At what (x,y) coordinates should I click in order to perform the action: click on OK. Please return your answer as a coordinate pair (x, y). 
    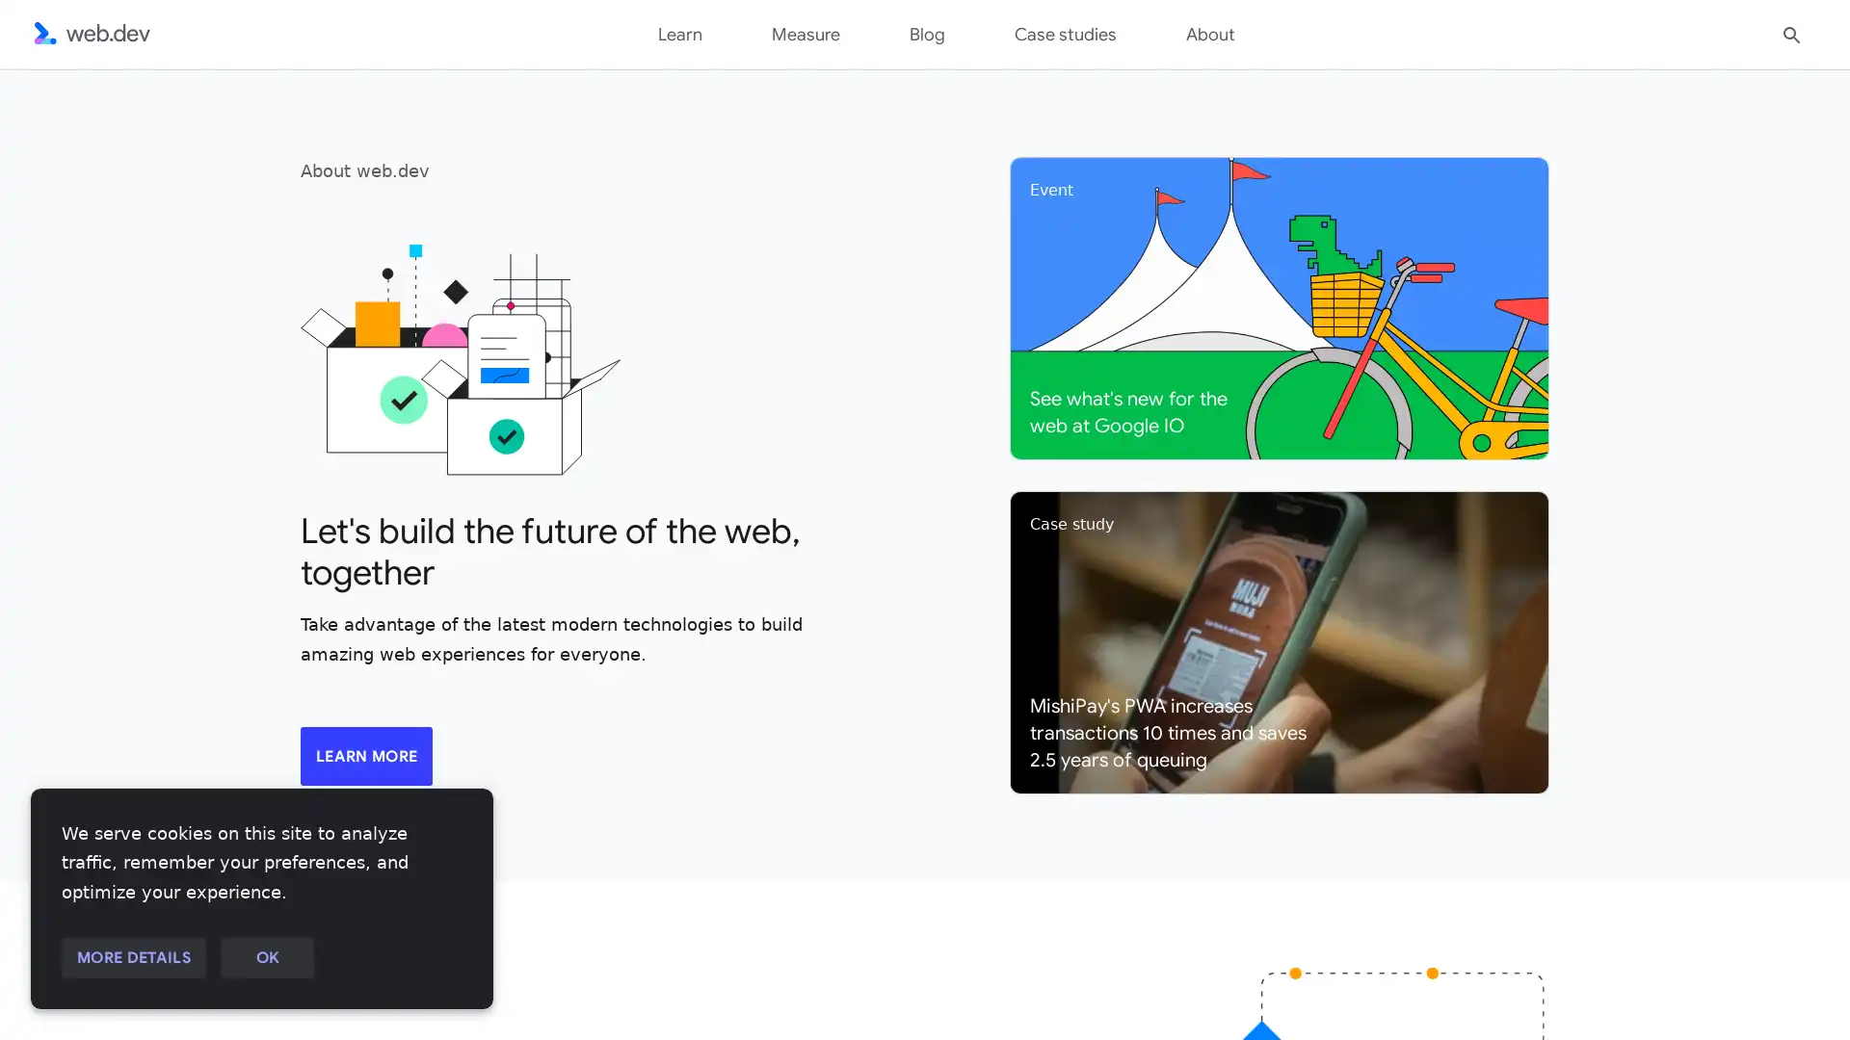
    Looking at the image, I should click on (266, 958).